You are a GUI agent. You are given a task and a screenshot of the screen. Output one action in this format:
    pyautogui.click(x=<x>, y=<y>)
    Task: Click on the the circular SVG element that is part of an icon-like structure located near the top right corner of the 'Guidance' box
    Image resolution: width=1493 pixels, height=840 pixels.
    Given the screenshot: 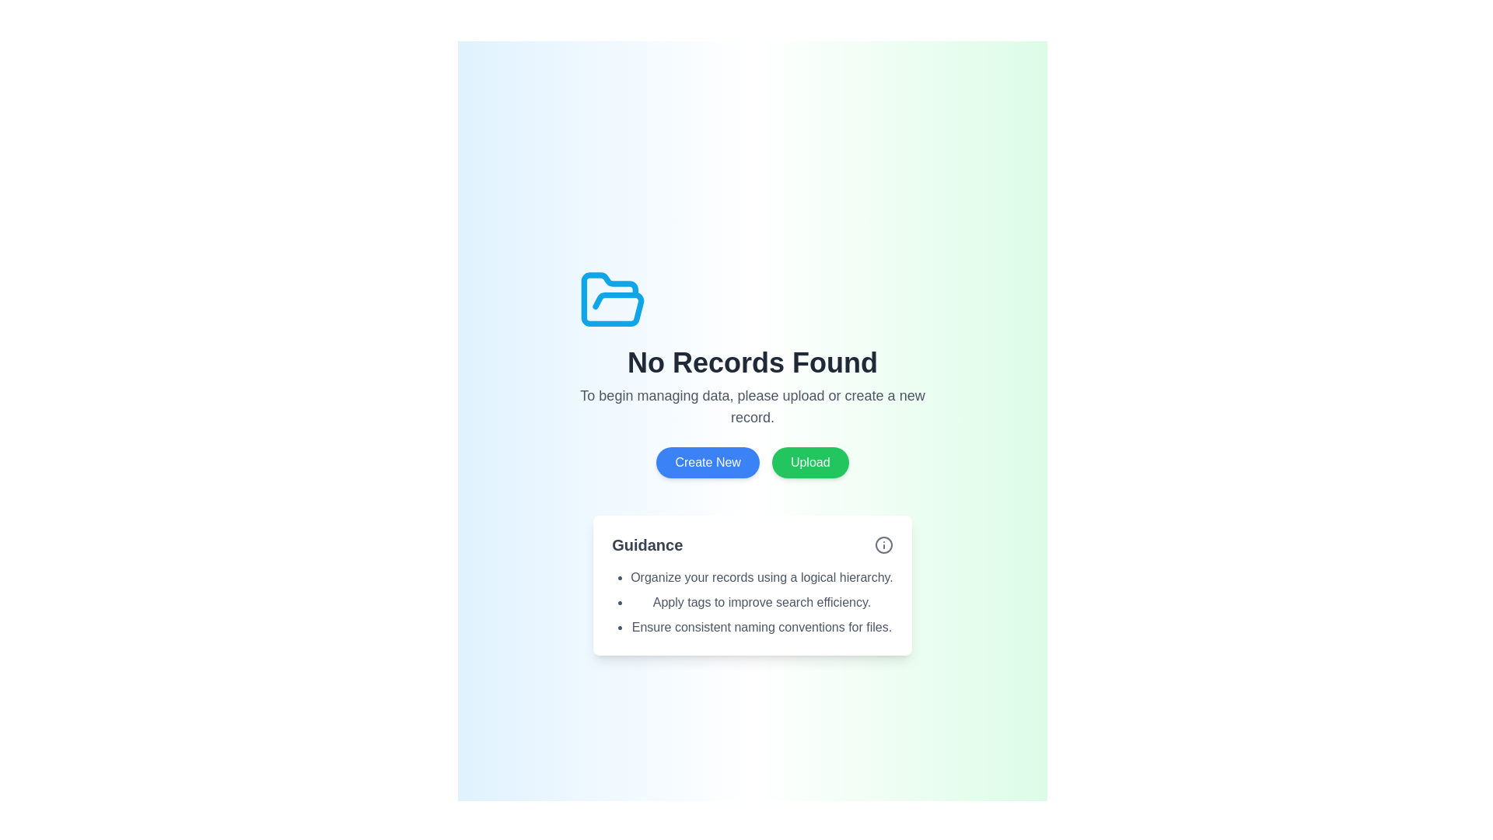 What is the action you would take?
    pyautogui.click(x=883, y=544)
    